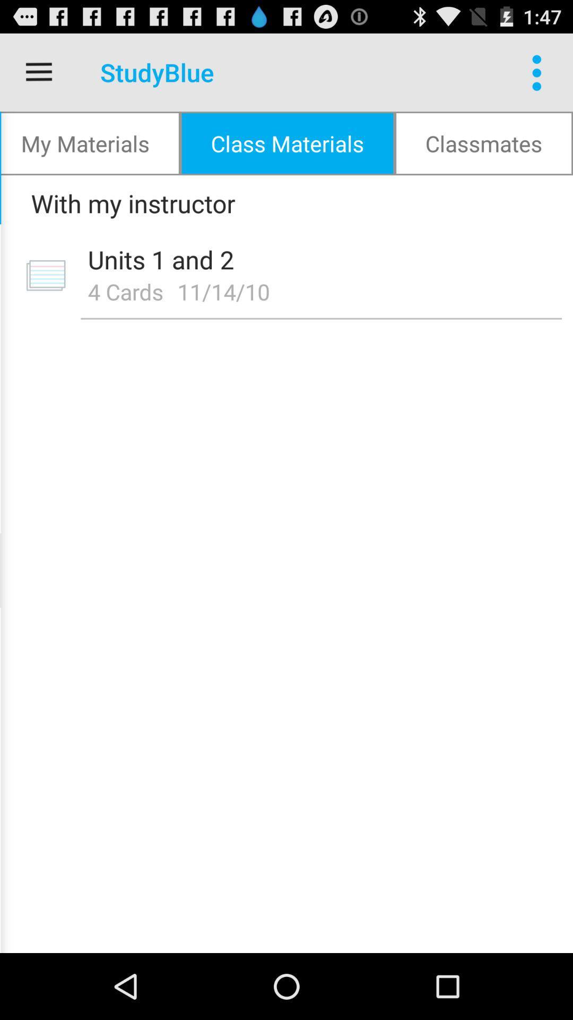 The height and width of the screenshot is (1020, 573). Describe the element at coordinates (125, 291) in the screenshot. I see `the icon below units 1 and icon` at that location.